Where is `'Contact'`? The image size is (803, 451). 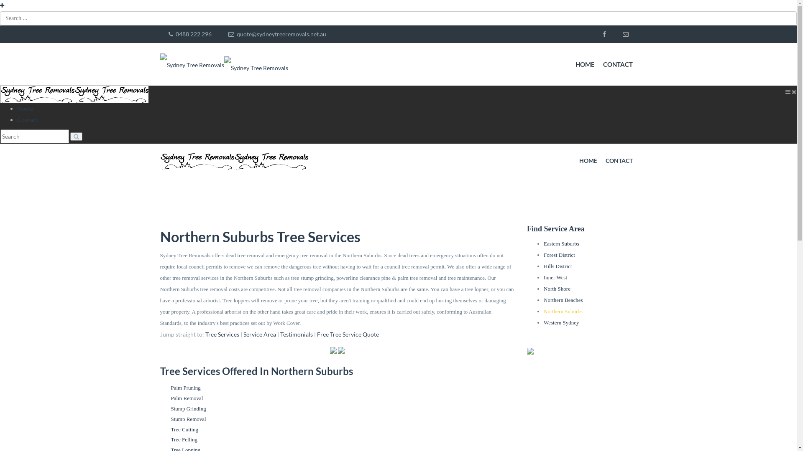
'Contact' is located at coordinates (28, 119).